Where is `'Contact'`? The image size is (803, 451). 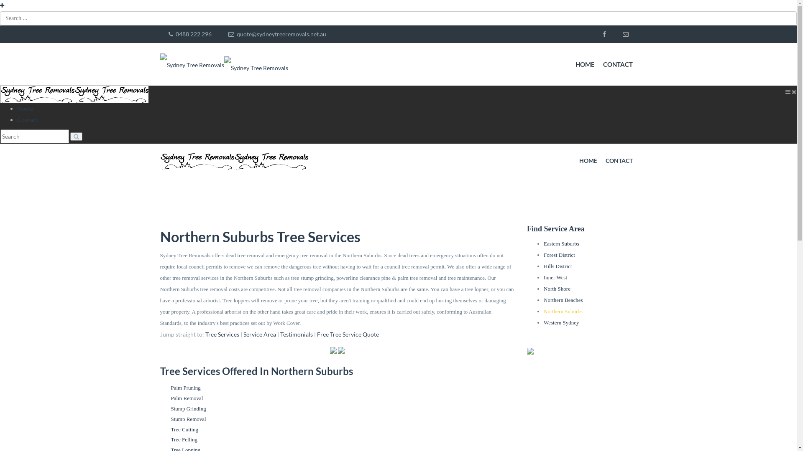
'Contact' is located at coordinates (28, 119).